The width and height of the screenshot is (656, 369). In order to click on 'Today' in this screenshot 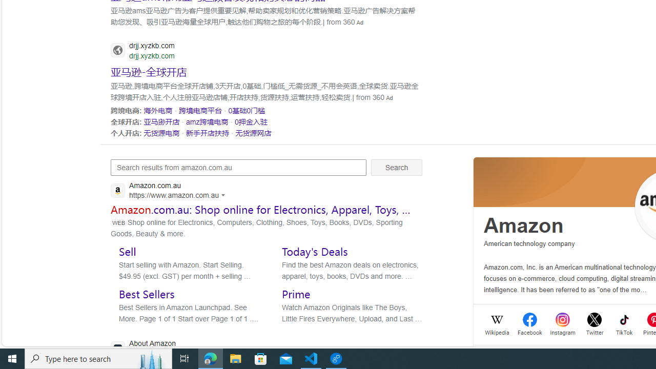, I will do `click(314, 251)`.